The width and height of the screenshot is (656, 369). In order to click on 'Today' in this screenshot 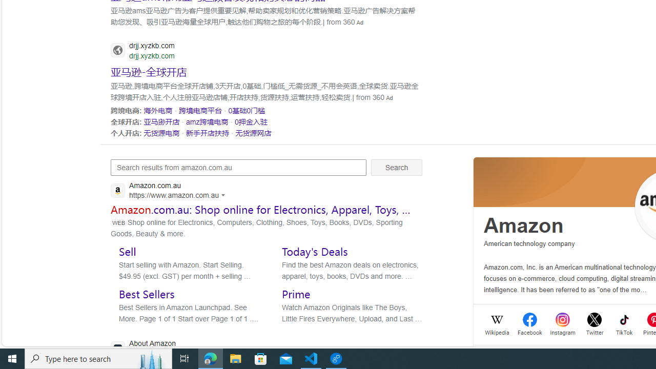, I will do `click(314, 251)`.